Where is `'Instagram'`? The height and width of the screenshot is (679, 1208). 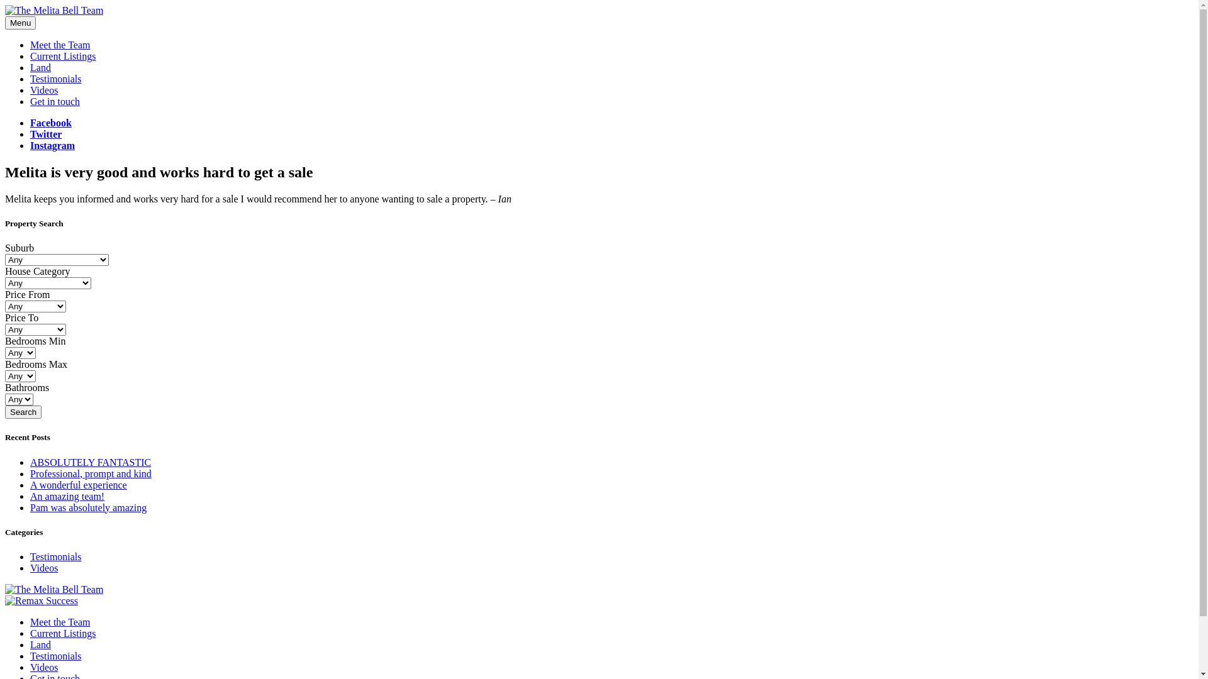 'Instagram' is located at coordinates (30, 145).